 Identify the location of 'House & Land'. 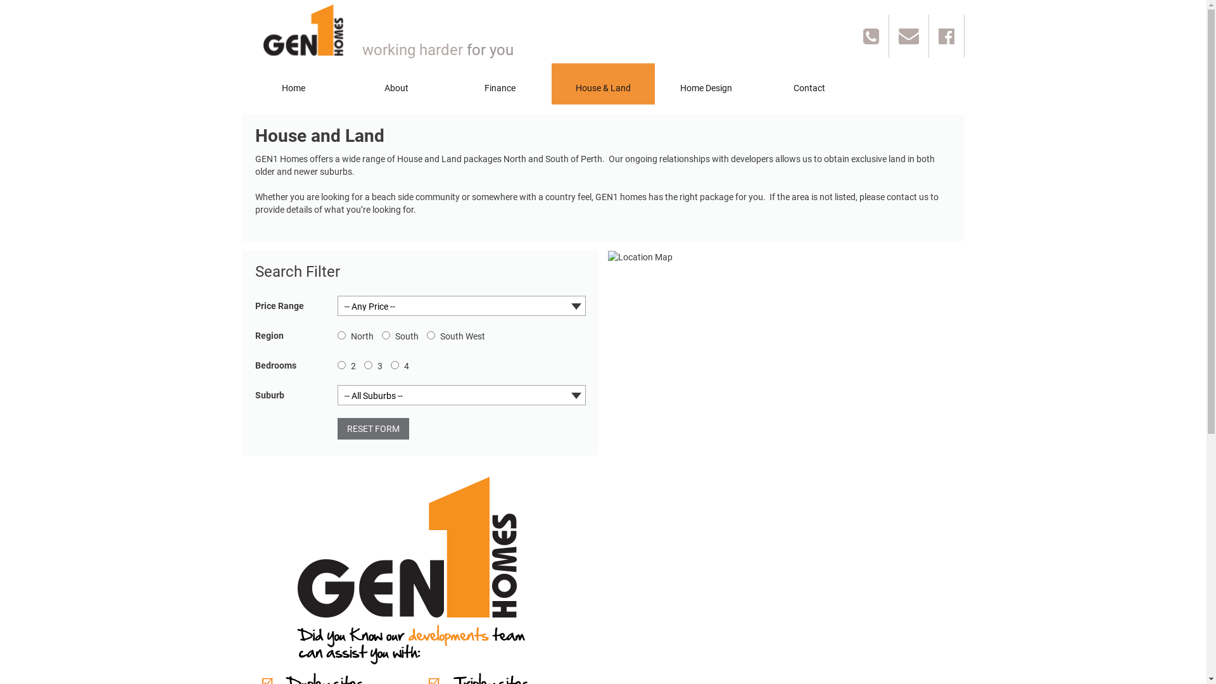
(550, 84).